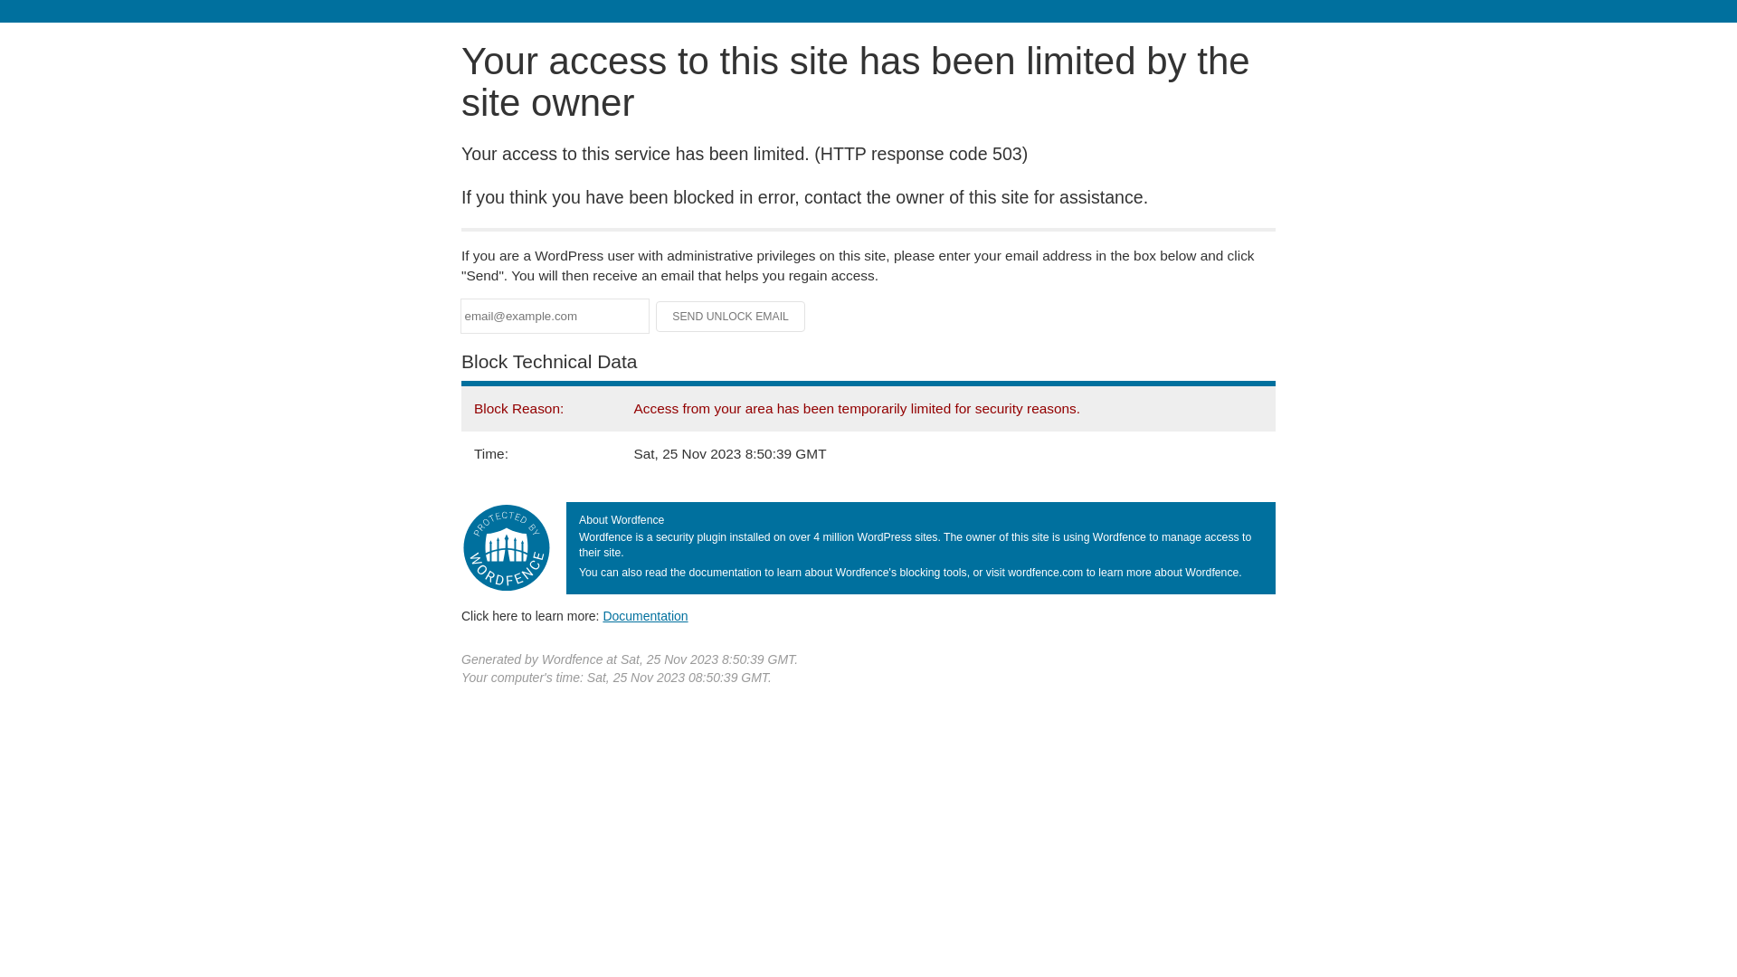 Image resolution: width=1737 pixels, height=977 pixels. Describe the element at coordinates (730, 316) in the screenshot. I see `'Send Unlock Email'` at that location.